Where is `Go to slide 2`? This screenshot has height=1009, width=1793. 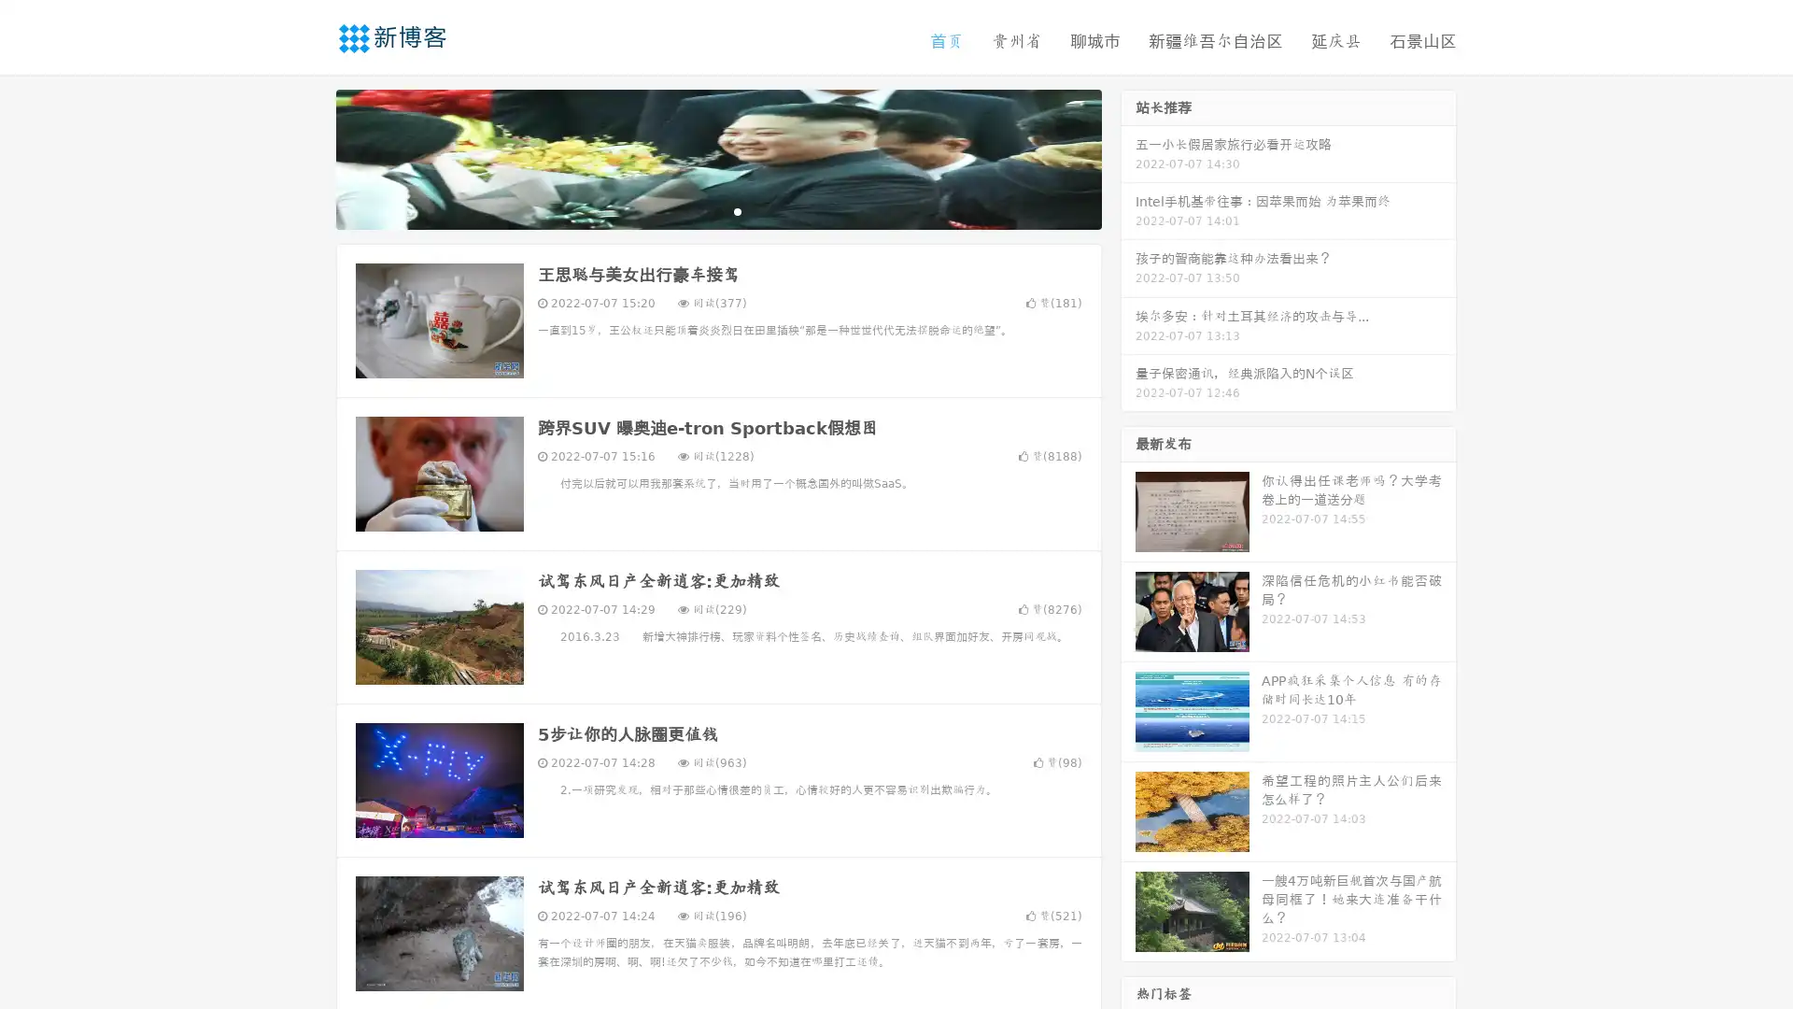 Go to slide 2 is located at coordinates (717, 210).